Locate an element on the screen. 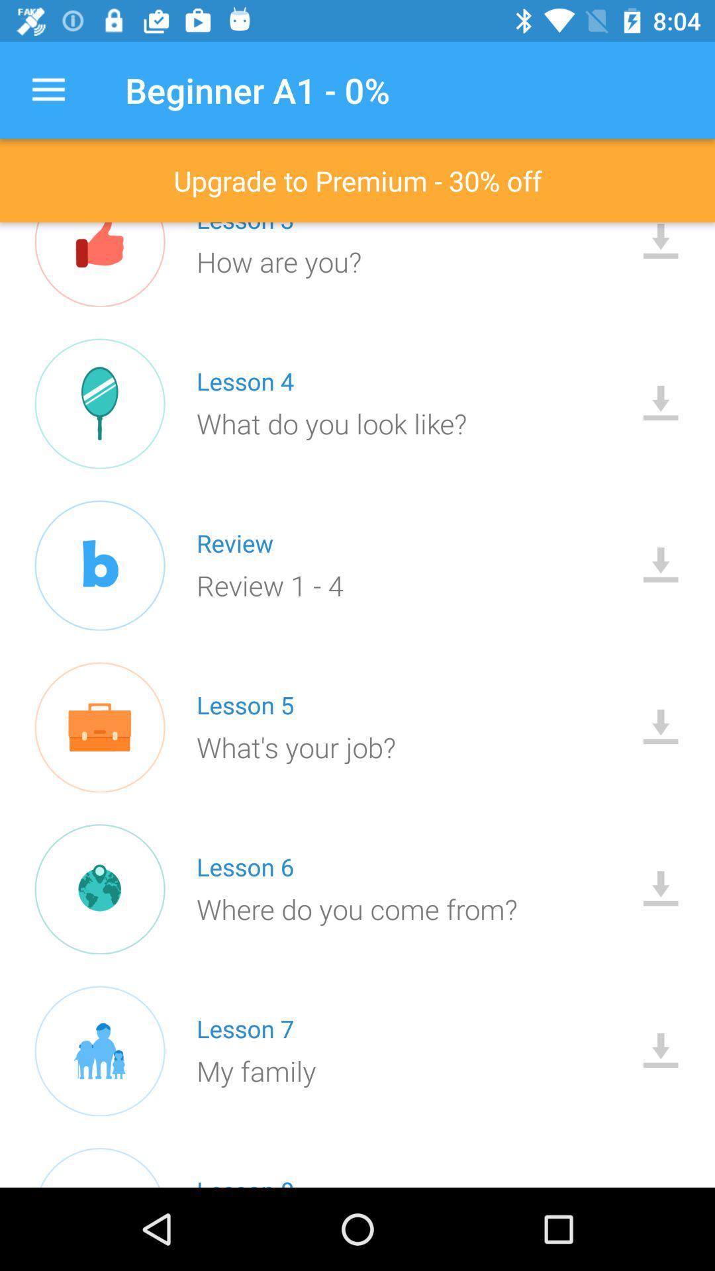 Image resolution: width=715 pixels, height=1271 pixels. the upgrade to premium is located at coordinates (358, 180).